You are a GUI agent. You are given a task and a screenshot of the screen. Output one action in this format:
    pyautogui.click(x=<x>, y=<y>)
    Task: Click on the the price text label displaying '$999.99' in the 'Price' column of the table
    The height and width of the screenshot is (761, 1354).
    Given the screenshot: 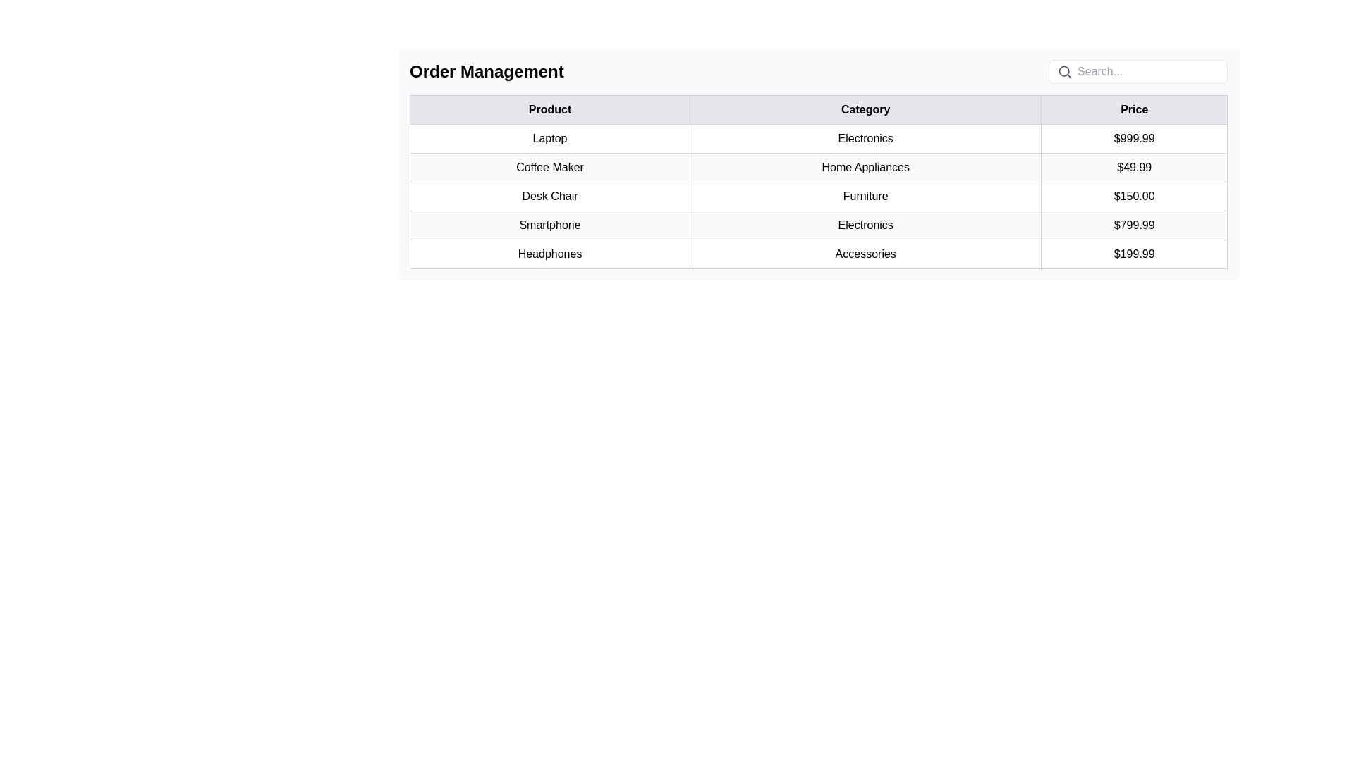 What is the action you would take?
    pyautogui.click(x=1134, y=138)
    